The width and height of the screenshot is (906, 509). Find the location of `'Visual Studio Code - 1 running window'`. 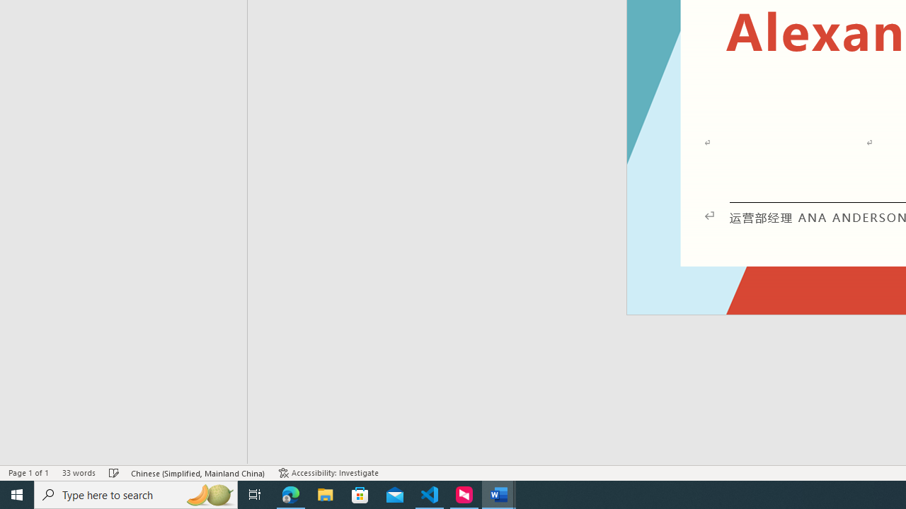

'Visual Studio Code - 1 running window' is located at coordinates (429, 493).